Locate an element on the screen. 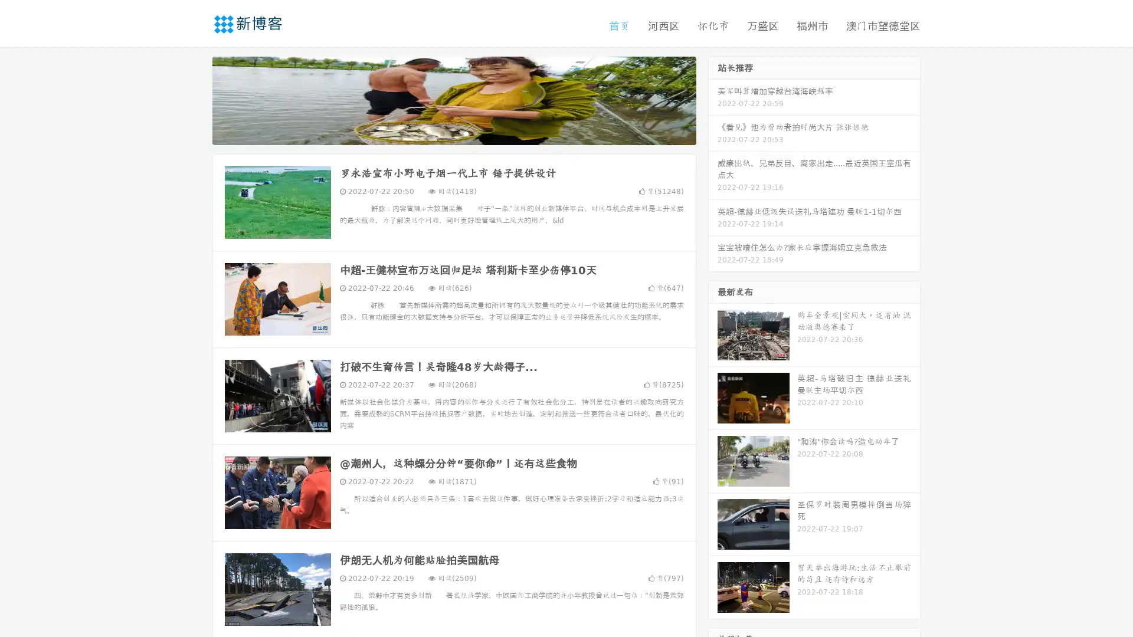  Previous slide is located at coordinates (195, 99).